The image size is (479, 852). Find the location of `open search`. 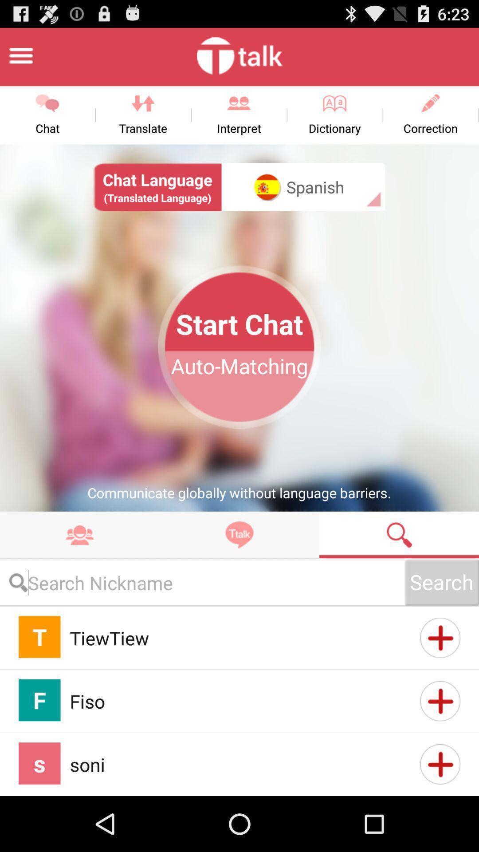

open search is located at coordinates (398, 534).